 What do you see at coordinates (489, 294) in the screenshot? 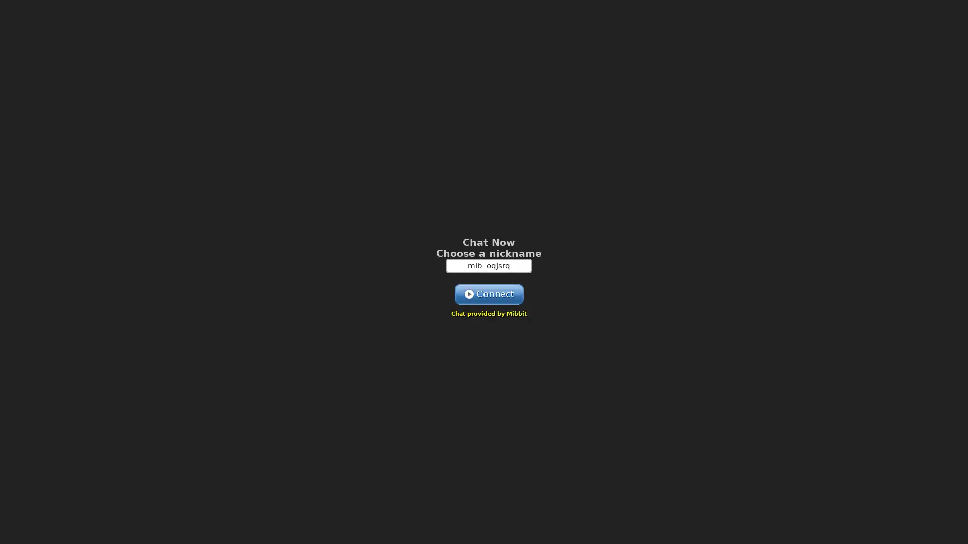
I see `Submit` at bounding box center [489, 294].